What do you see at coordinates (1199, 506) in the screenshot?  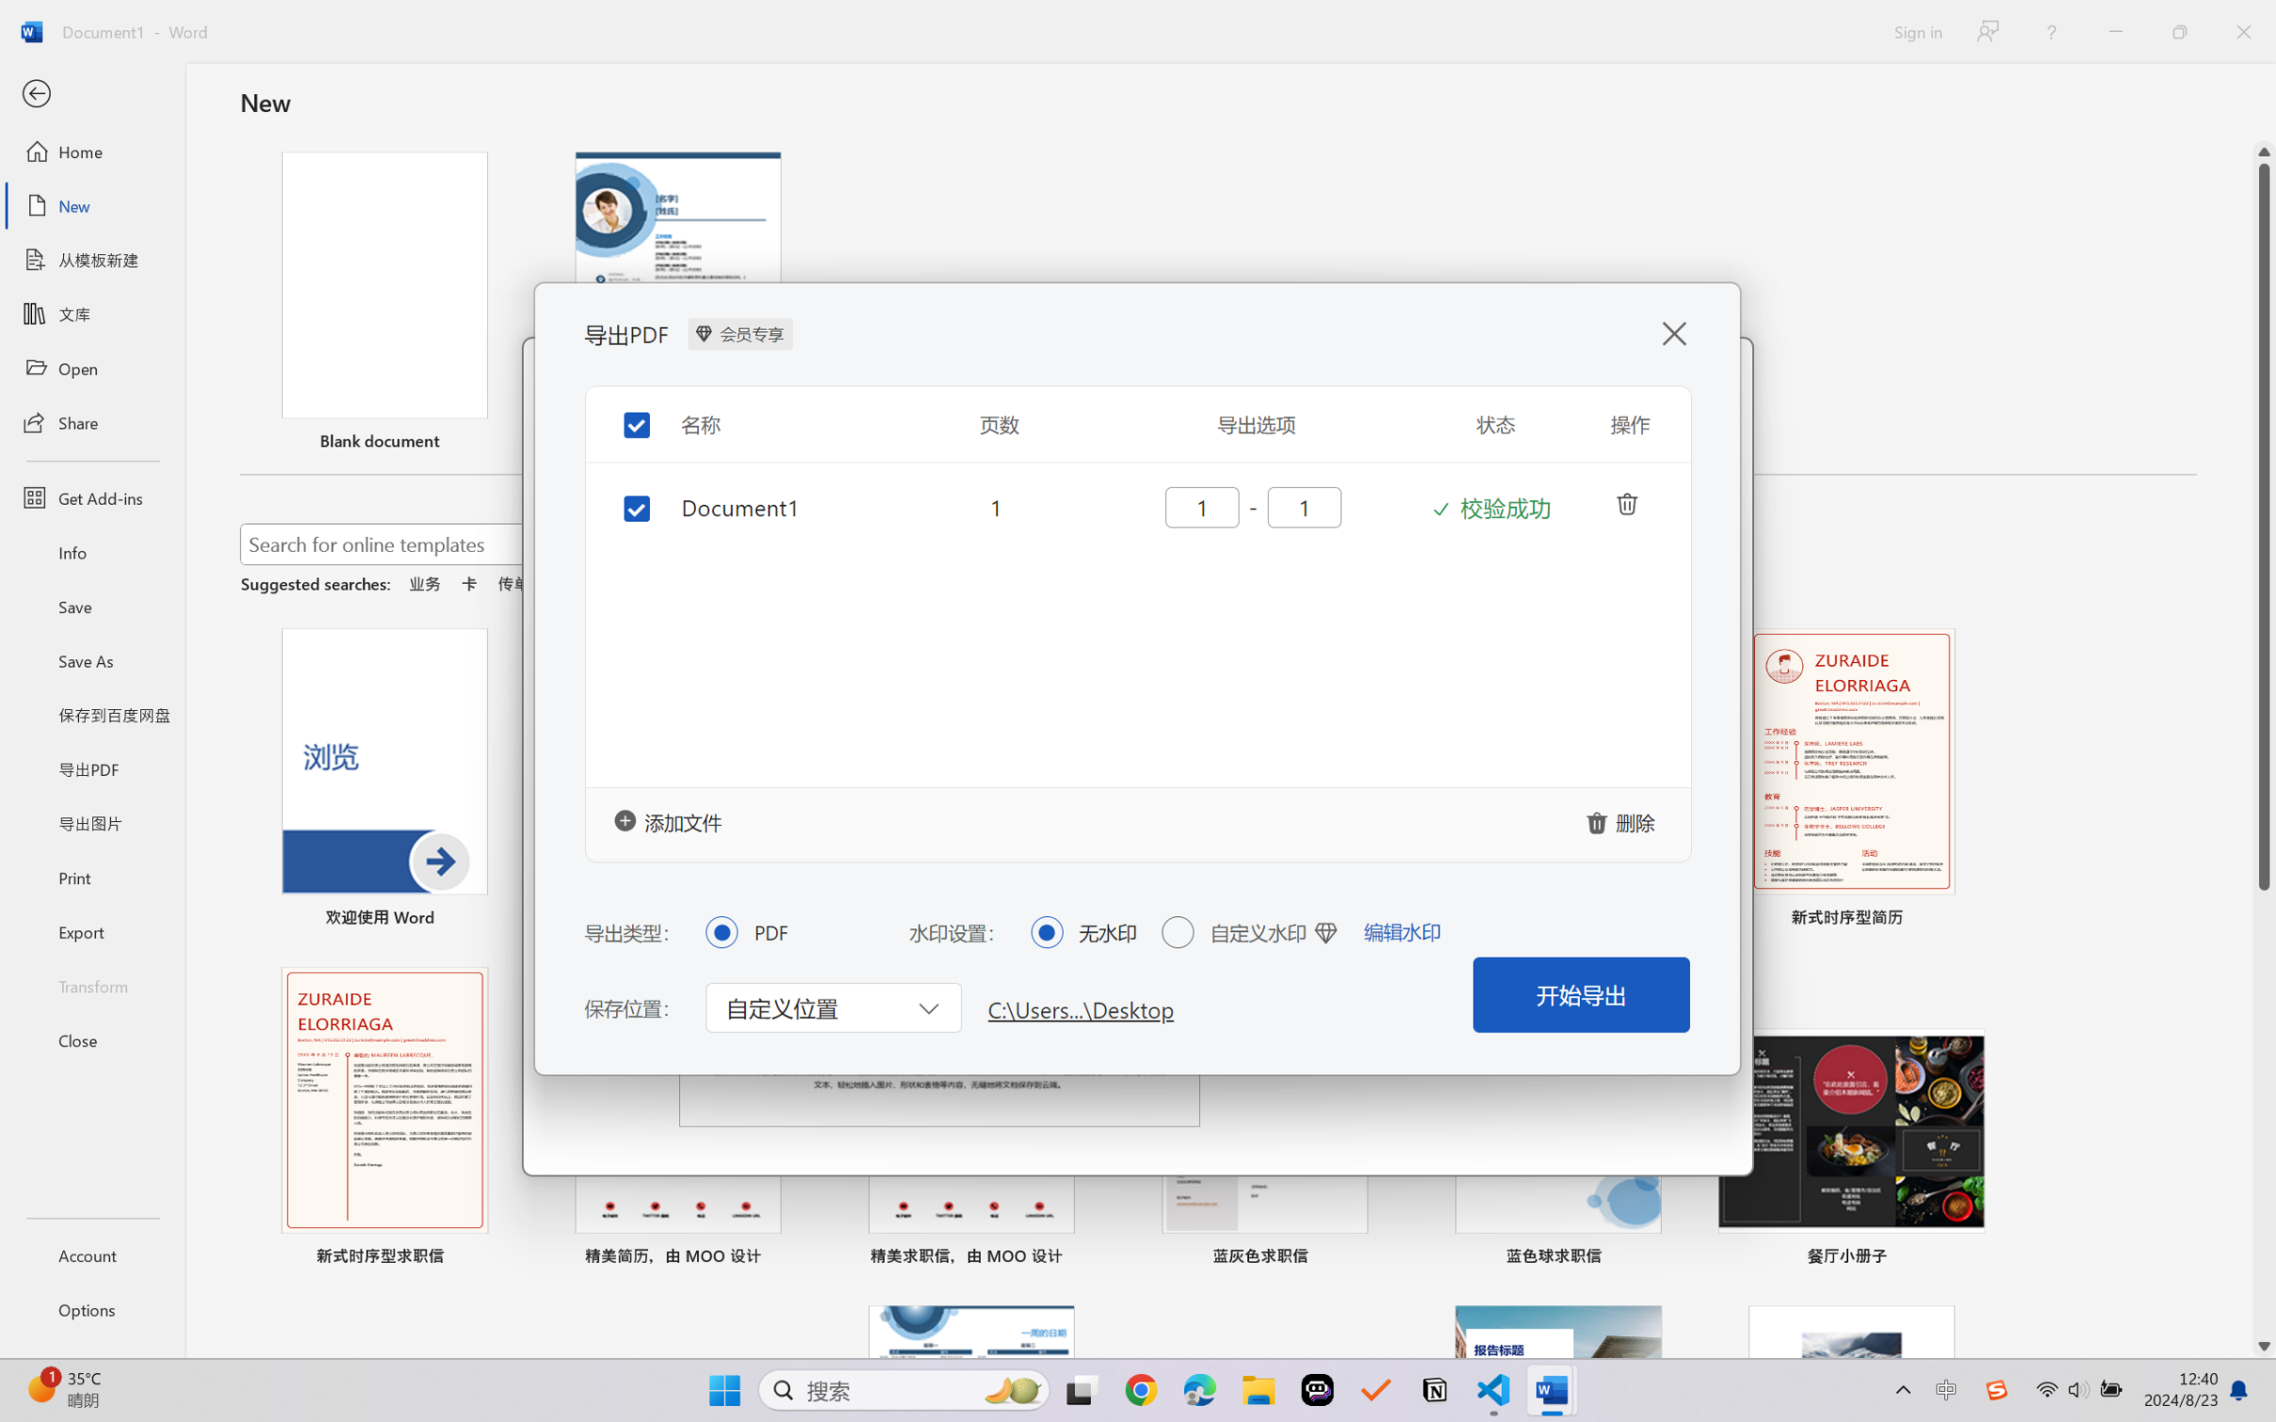 I see `'AutomationID: input36'` at bounding box center [1199, 506].